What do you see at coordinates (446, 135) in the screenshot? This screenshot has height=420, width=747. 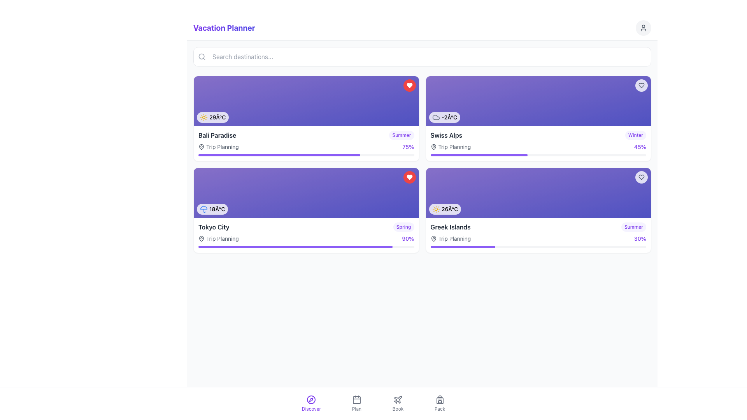 I see `destination name from the text label located in the upper-right card section of the interface, positioned to the left of the 'Winter' tag` at bounding box center [446, 135].